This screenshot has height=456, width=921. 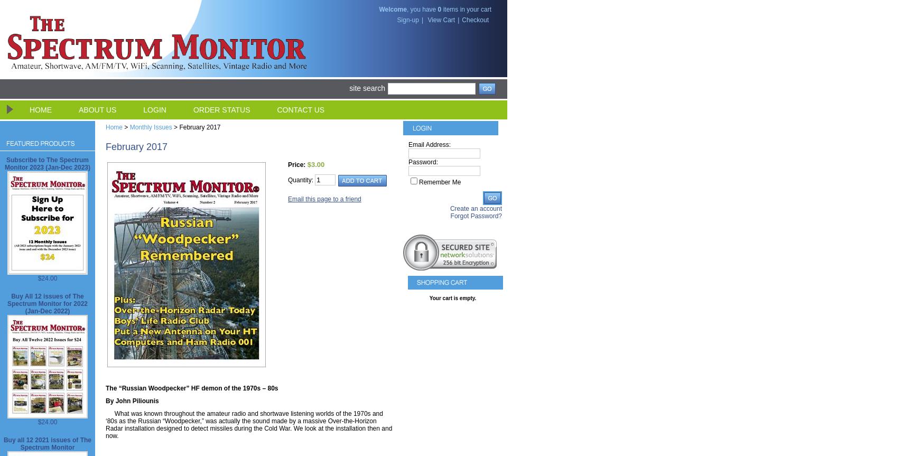 What do you see at coordinates (46, 304) in the screenshot?
I see `'Buy All 12 issues of The Spectrum Monitor for 2022 (Jan-Dec 2022)'` at bounding box center [46, 304].